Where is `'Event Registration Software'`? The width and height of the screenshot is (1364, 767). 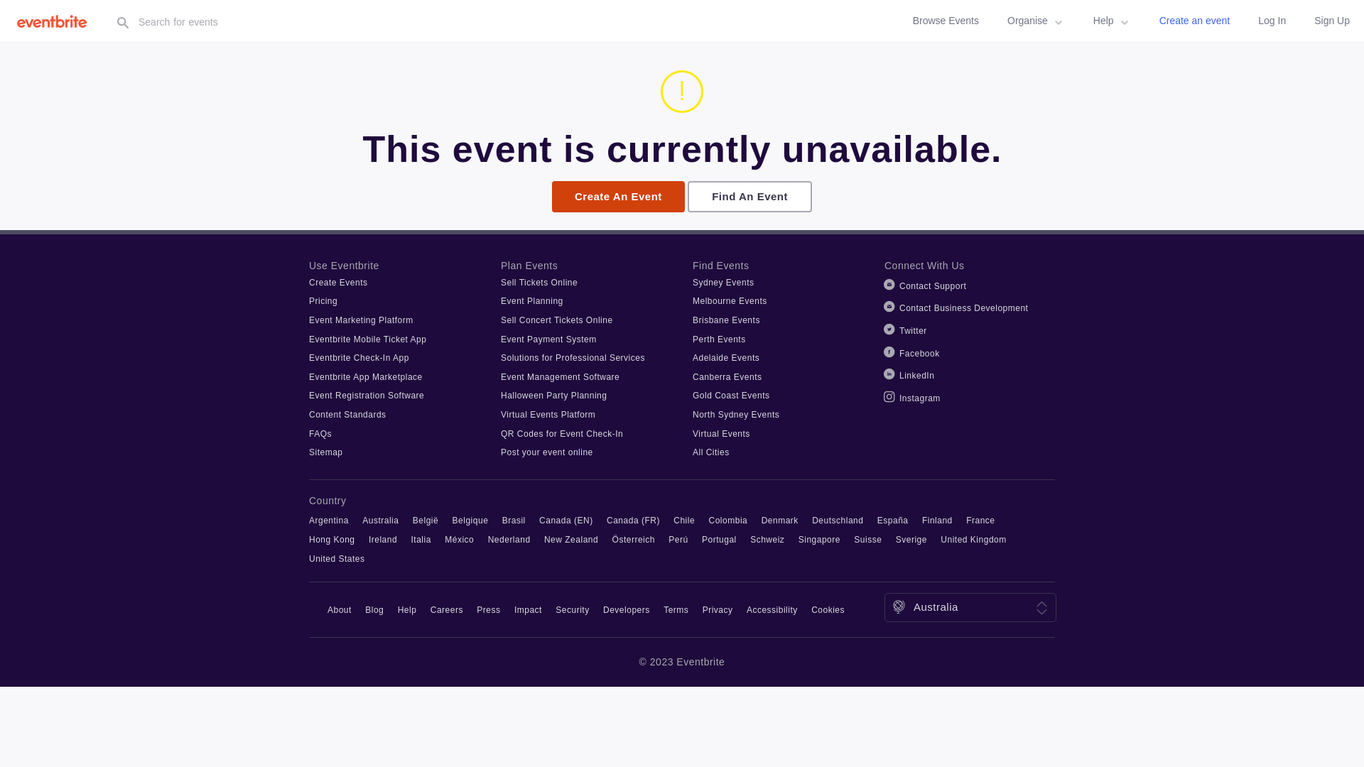 'Event Registration Software' is located at coordinates (366, 395).